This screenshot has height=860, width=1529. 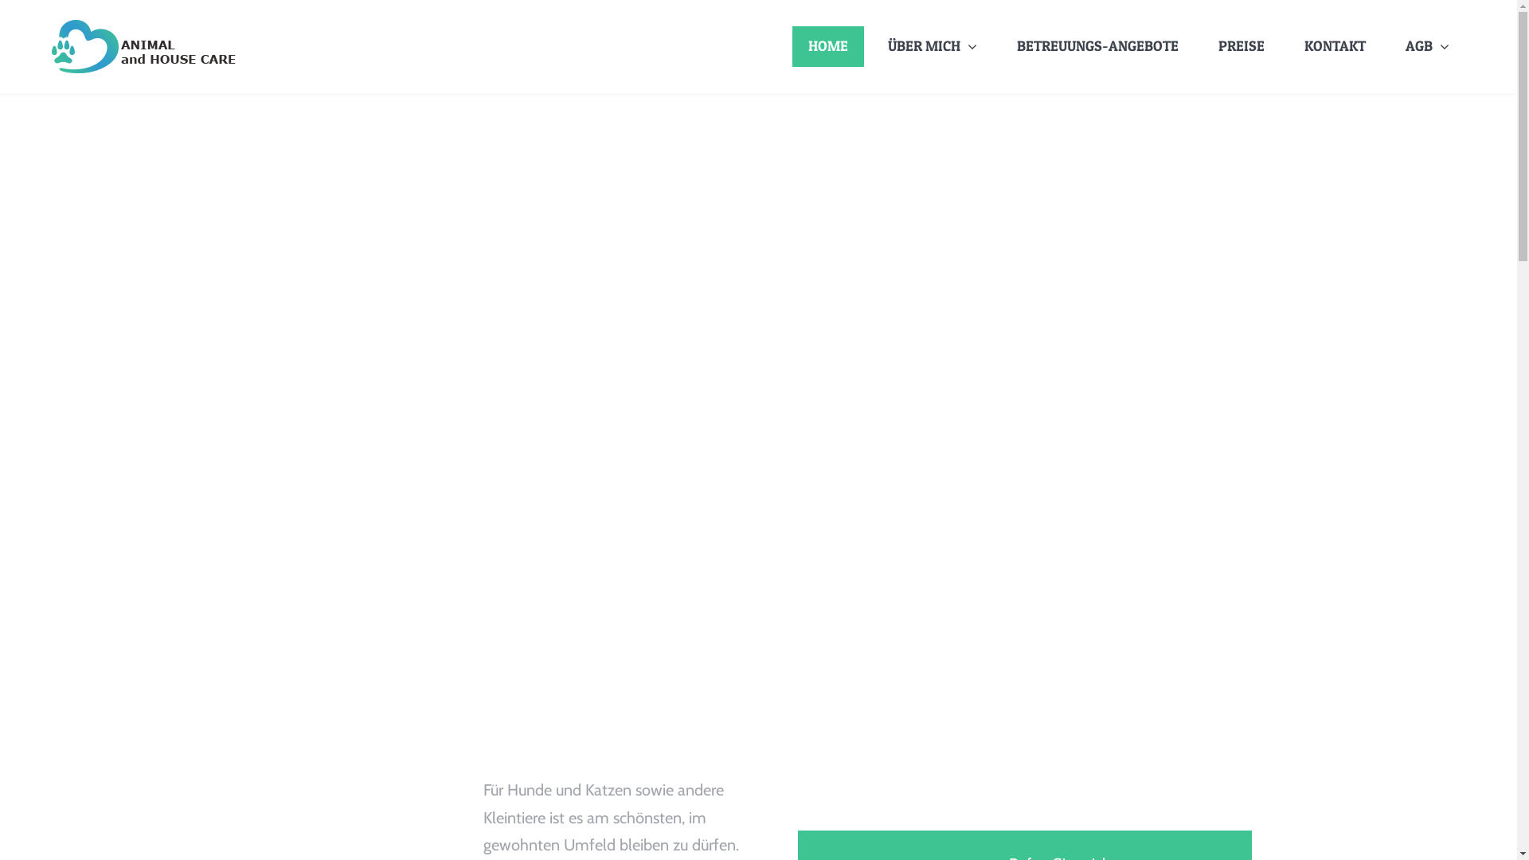 I want to click on 'BETREUUNGS-ANGEBOTE', so click(x=1097, y=45).